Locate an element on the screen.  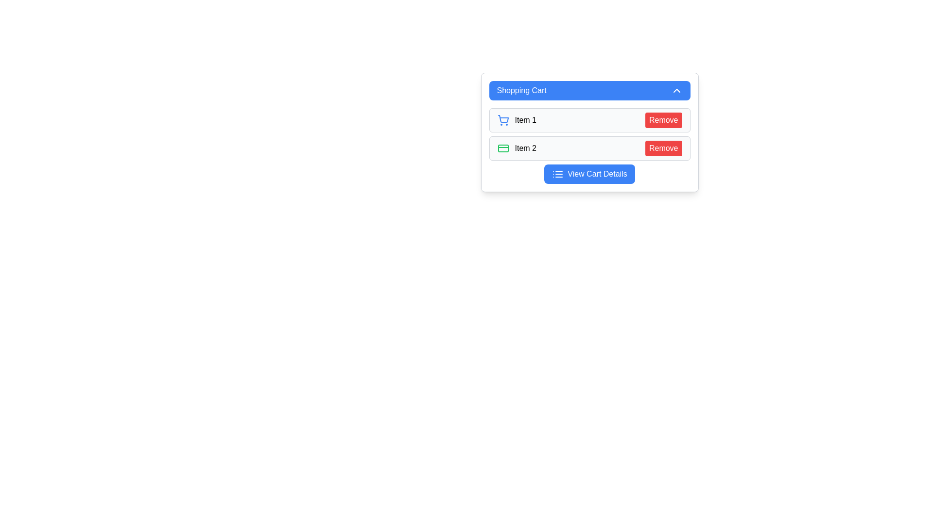
the upward-facing arrow icon in the top right corner of the blue header bar labeled 'Shopping Cart' is located at coordinates (676, 90).